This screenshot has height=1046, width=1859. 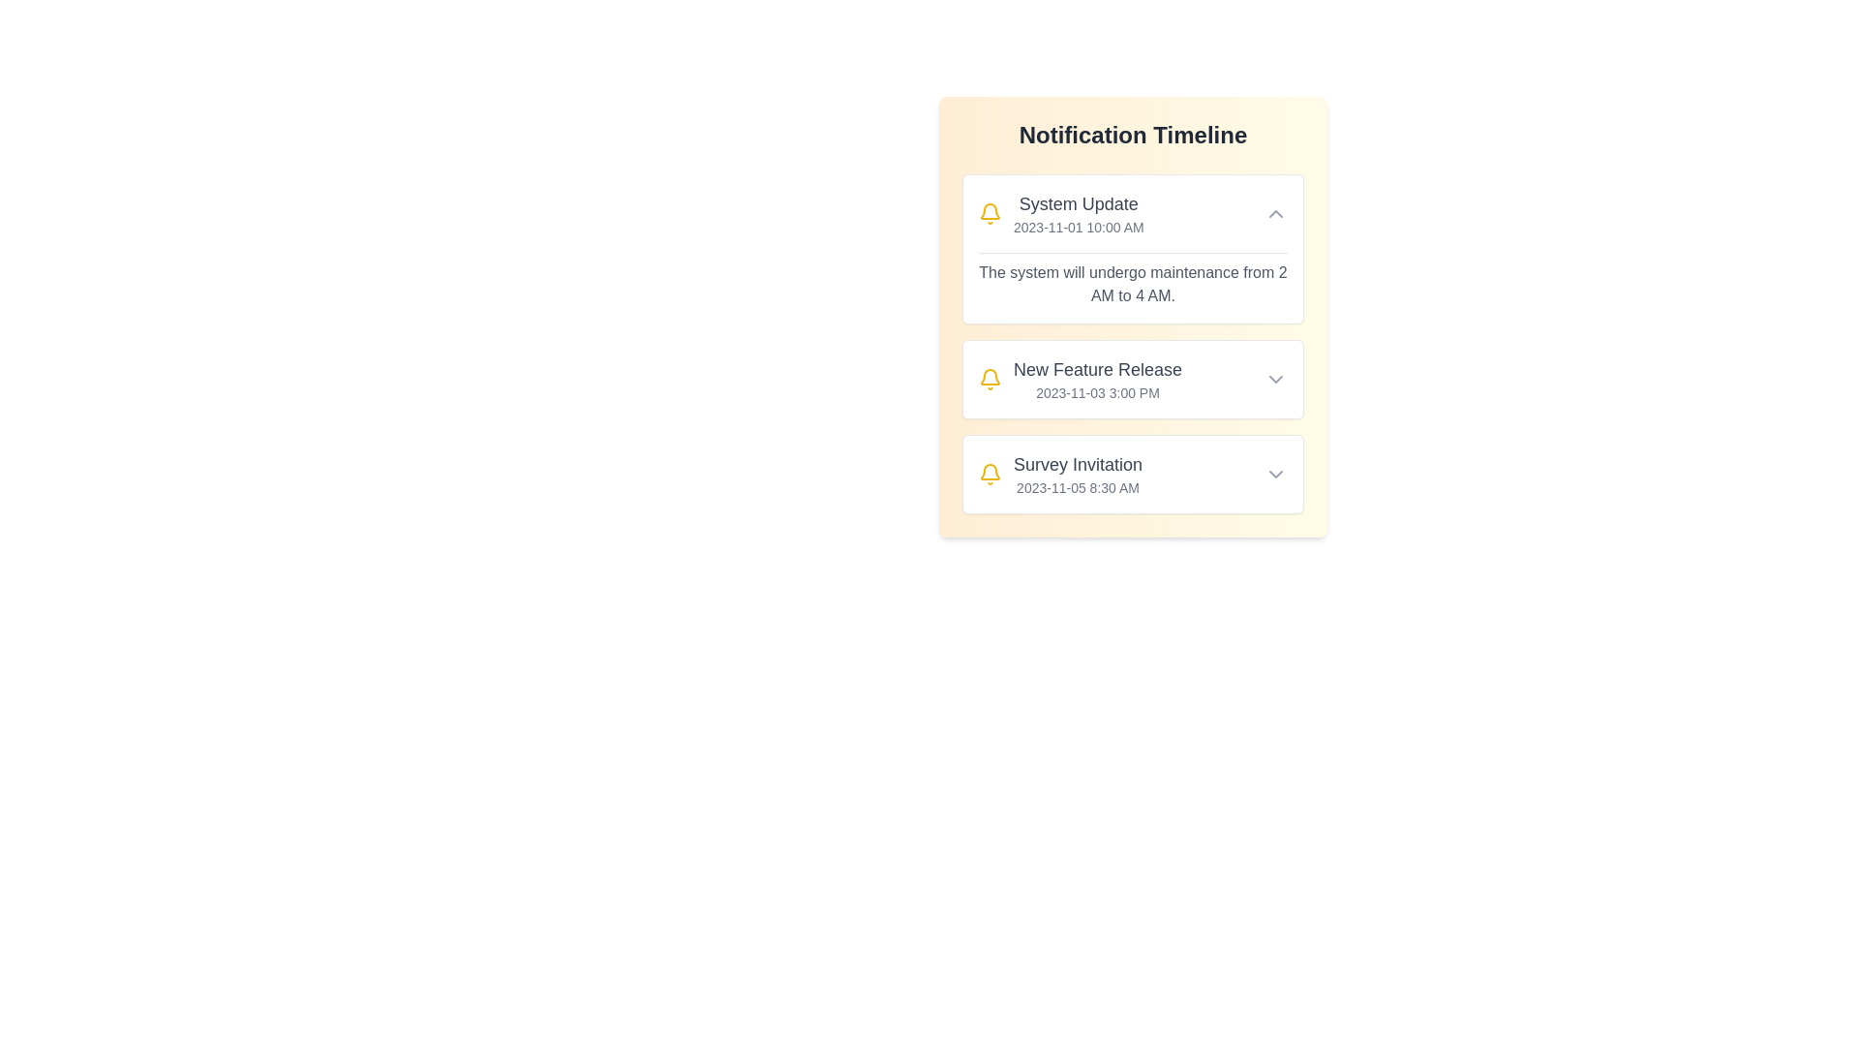 What do you see at coordinates (1133, 343) in the screenshot?
I see `the notification card titled 'New Feature Release' that contains a timestamp and is located in the 'Notification Timeline' list` at bounding box center [1133, 343].